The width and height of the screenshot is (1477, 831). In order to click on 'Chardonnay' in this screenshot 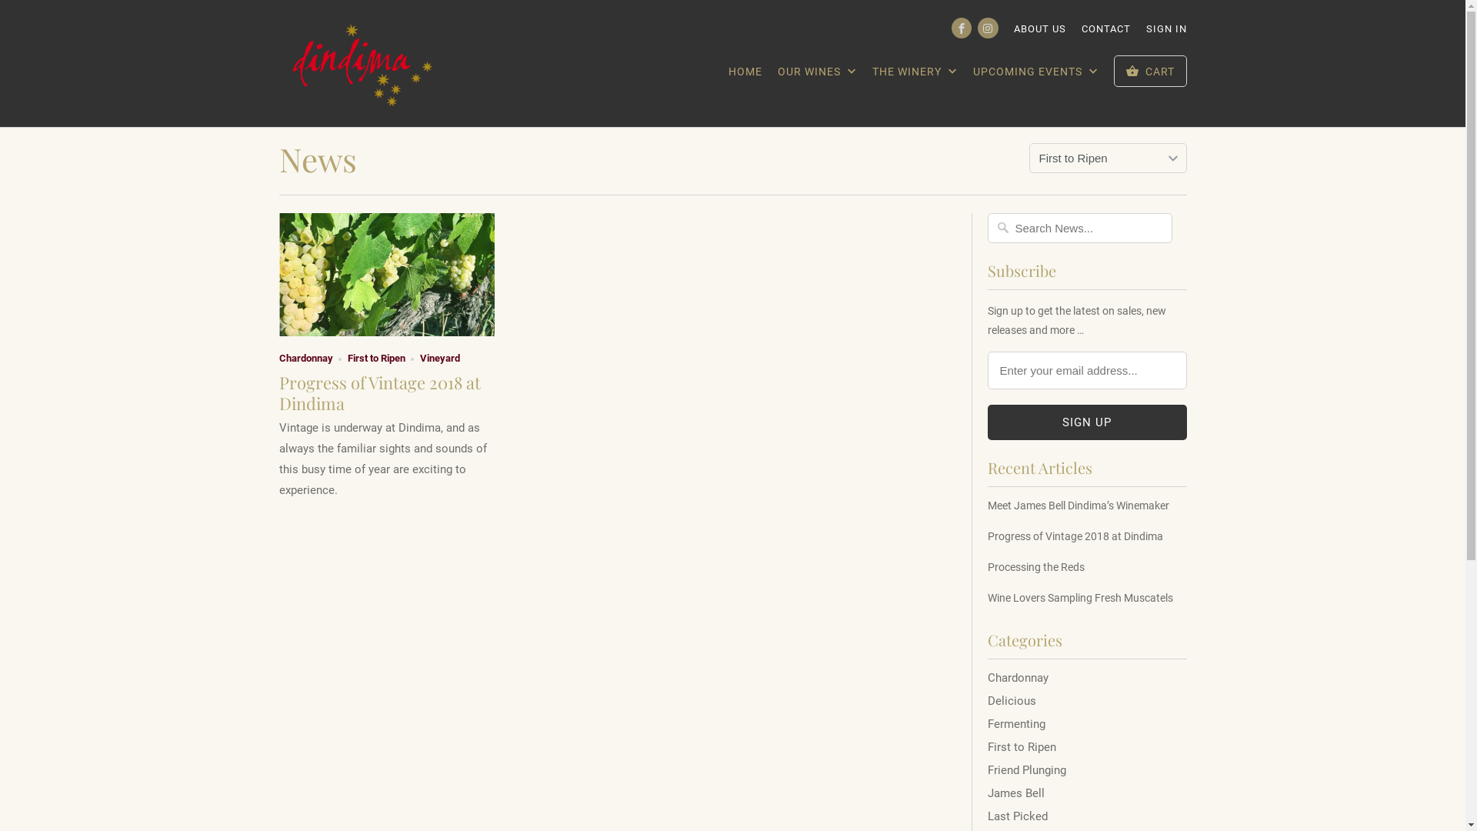, I will do `click(1018, 676)`.